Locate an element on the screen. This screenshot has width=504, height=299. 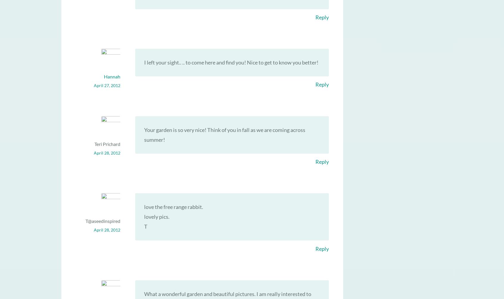
'love the free range rabbit.' is located at coordinates (144, 207).